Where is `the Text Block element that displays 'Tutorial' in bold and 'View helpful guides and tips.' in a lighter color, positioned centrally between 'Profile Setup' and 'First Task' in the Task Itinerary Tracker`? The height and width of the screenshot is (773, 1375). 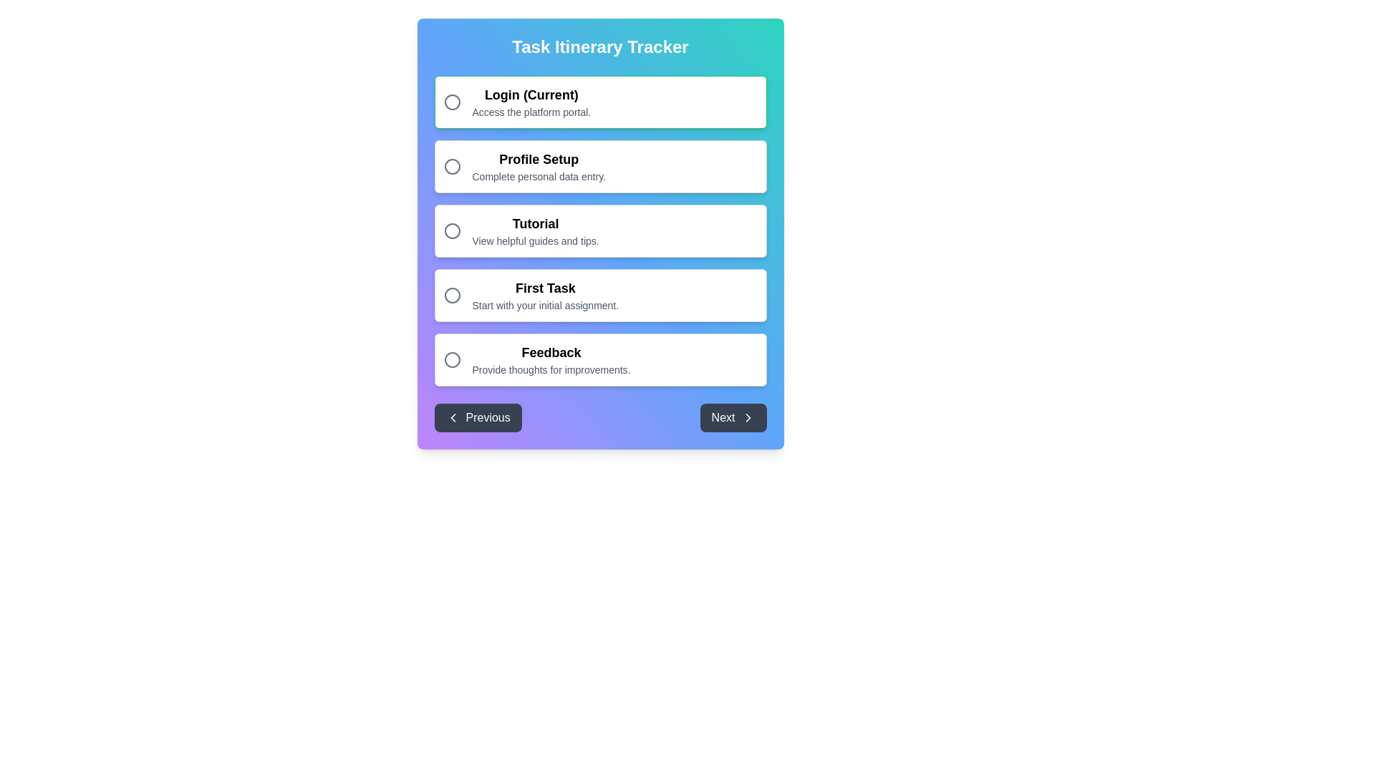
the Text Block element that displays 'Tutorial' in bold and 'View helpful guides and tips.' in a lighter color, positioned centrally between 'Profile Setup' and 'First Task' in the Task Itinerary Tracker is located at coordinates (535, 230).